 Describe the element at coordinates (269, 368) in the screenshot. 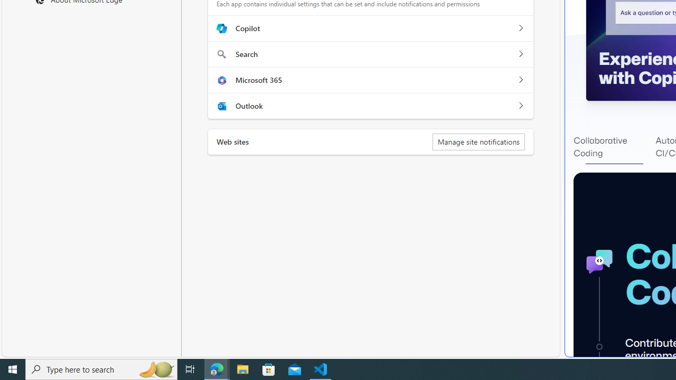

I see `'Microsoft Store'` at that location.